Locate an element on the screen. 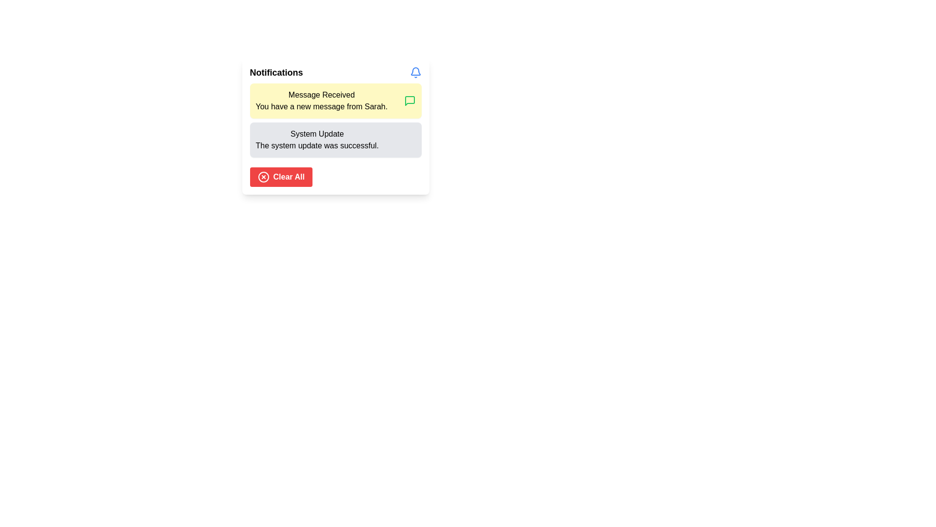  the 'System Update' text label, which is bold and larger than the text below it, located within the notification card under 'Notifications' is located at coordinates (317, 134).